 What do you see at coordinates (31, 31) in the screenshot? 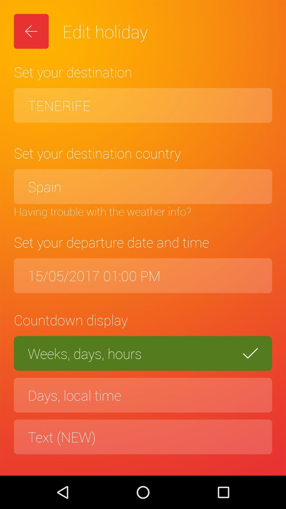
I see `icon above the set your destination icon` at bounding box center [31, 31].